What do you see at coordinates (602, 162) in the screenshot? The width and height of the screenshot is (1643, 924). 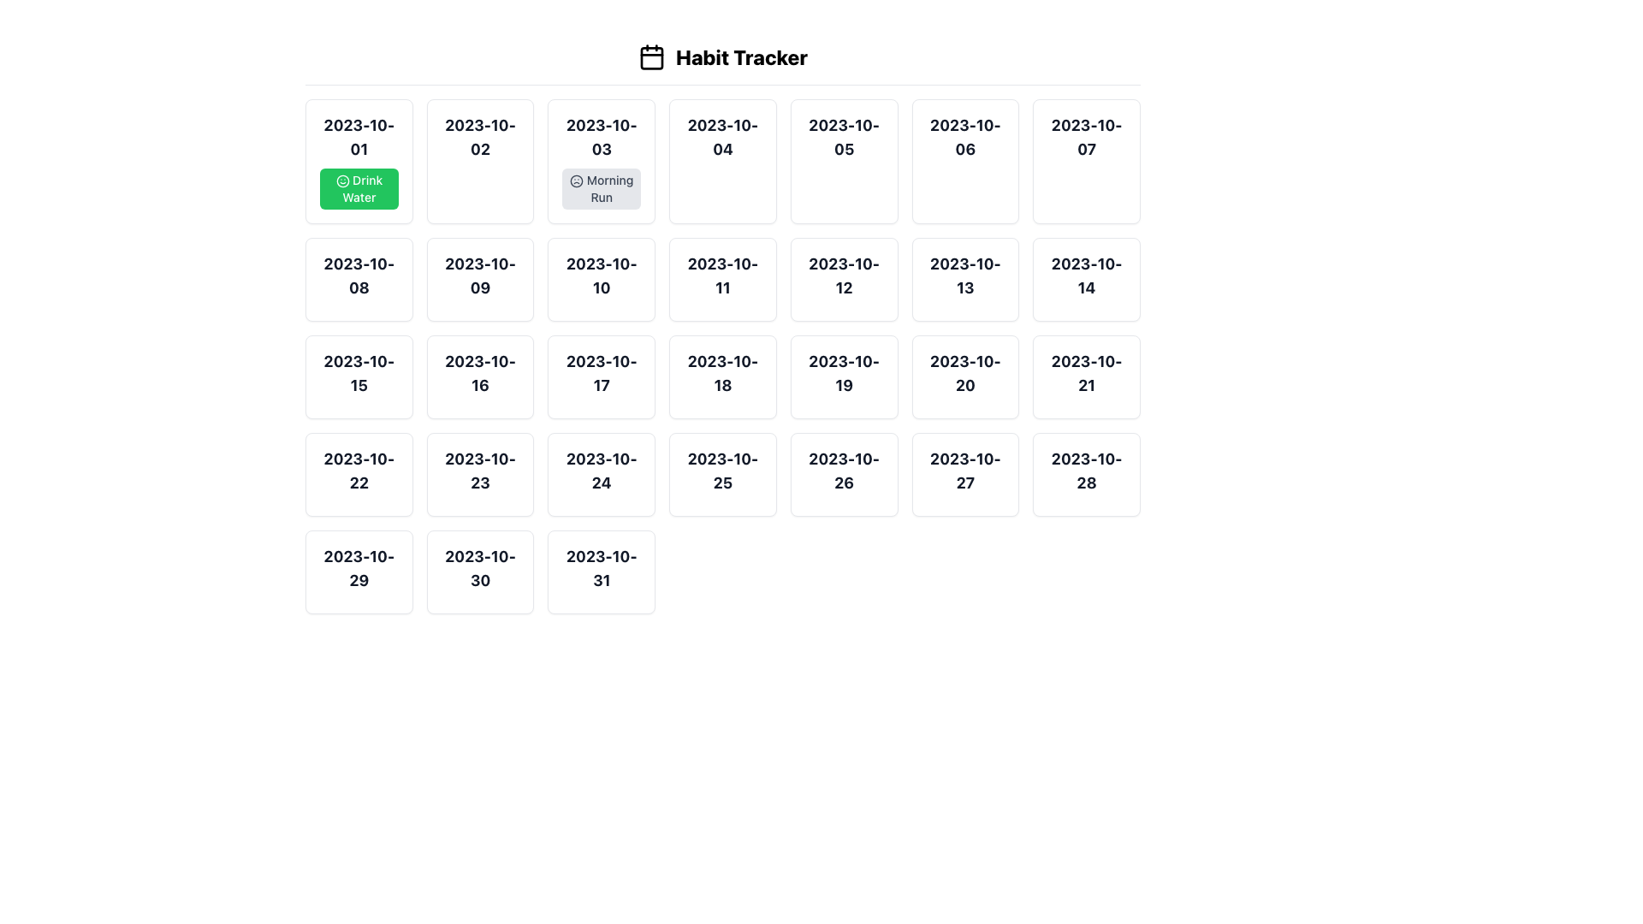 I see `the habit tracking card located in the first row and third column` at bounding box center [602, 162].